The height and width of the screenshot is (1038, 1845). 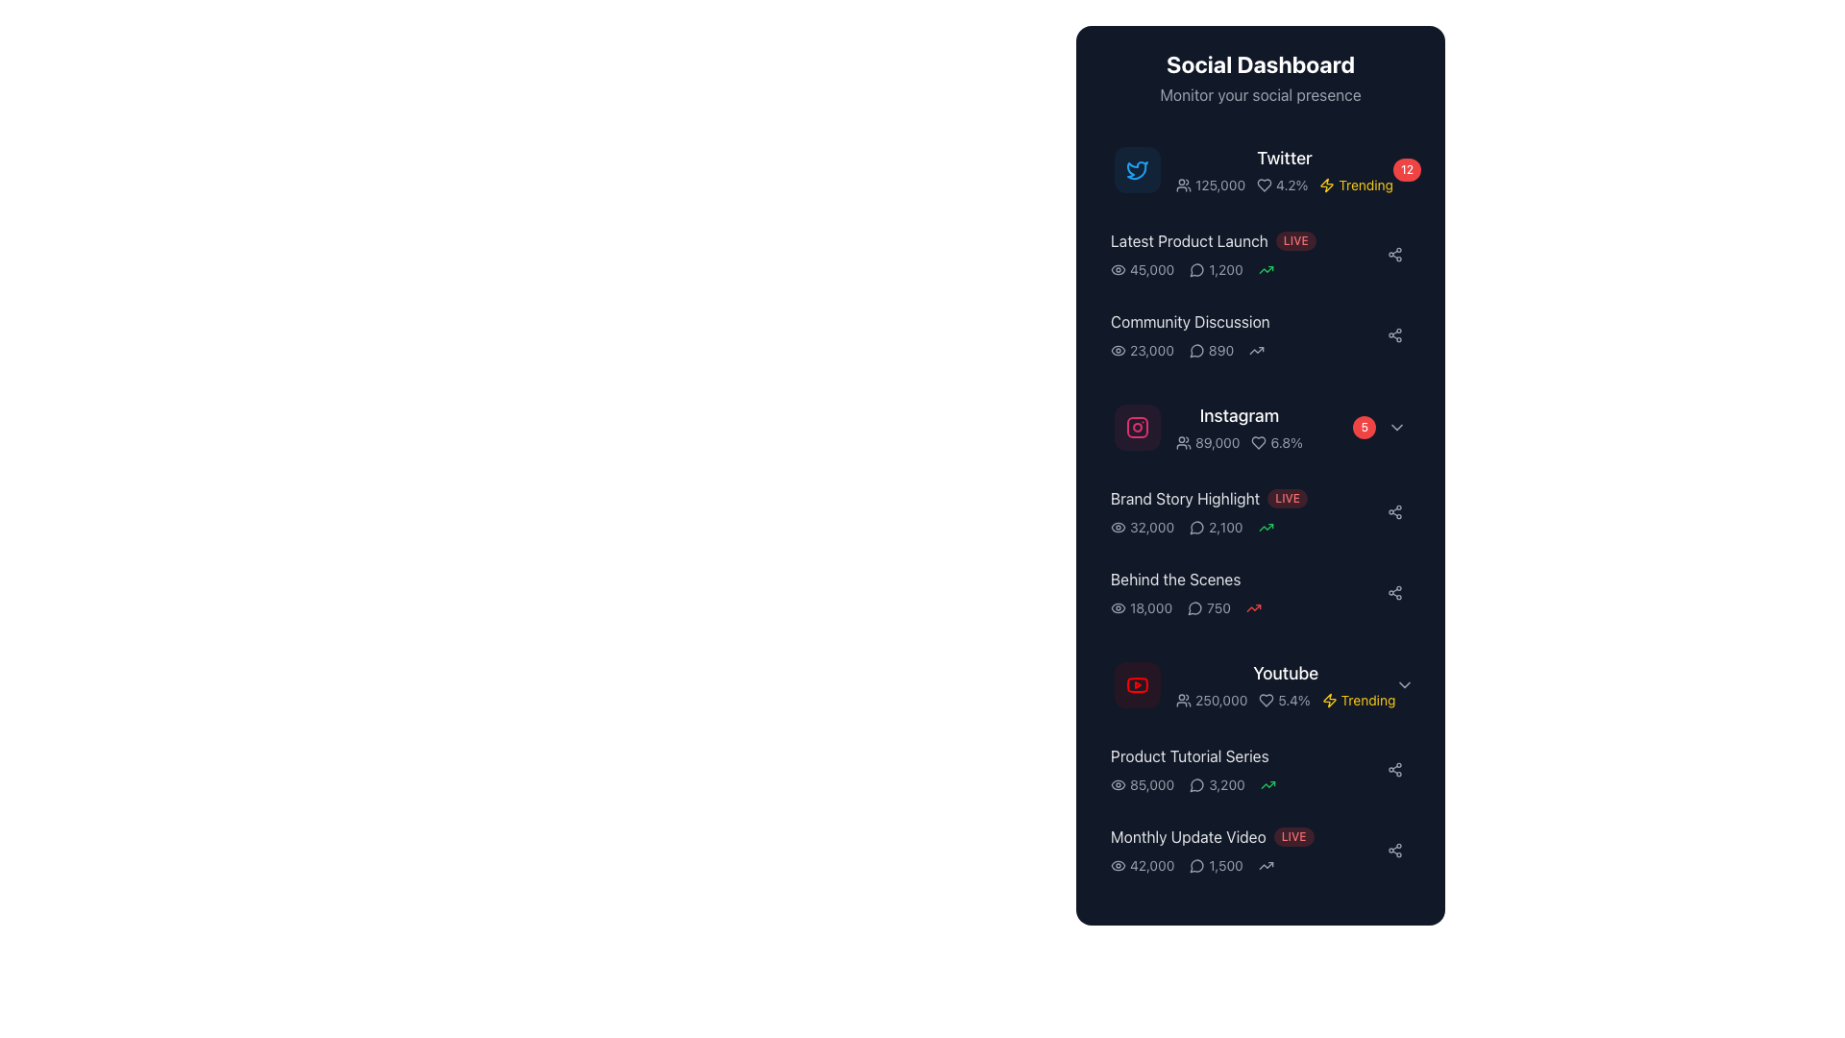 I want to click on the bird icon representing Twitter located in the top-left section of the 'Social Dashboard' panel, which is directly to the left of the 'Twitter' label, so click(x=1138, y=169).